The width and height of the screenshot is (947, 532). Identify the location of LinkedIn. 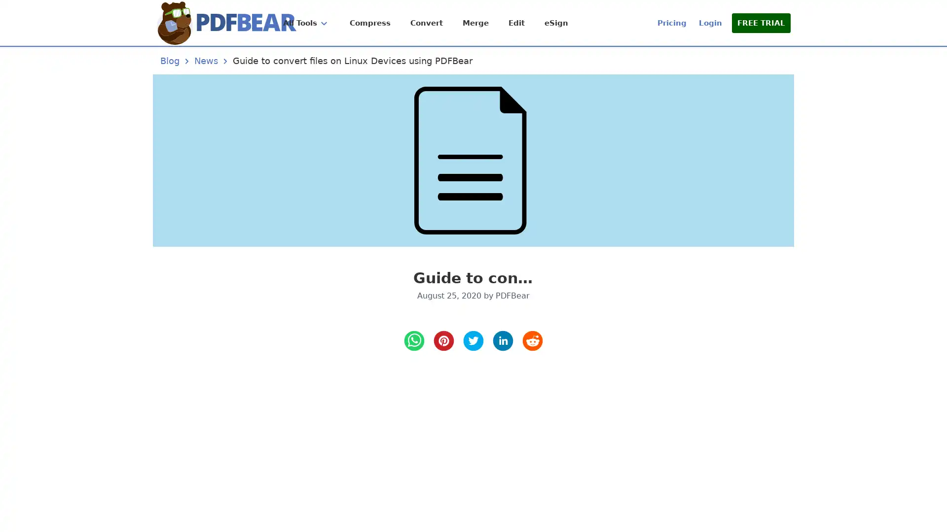
(503, 340).